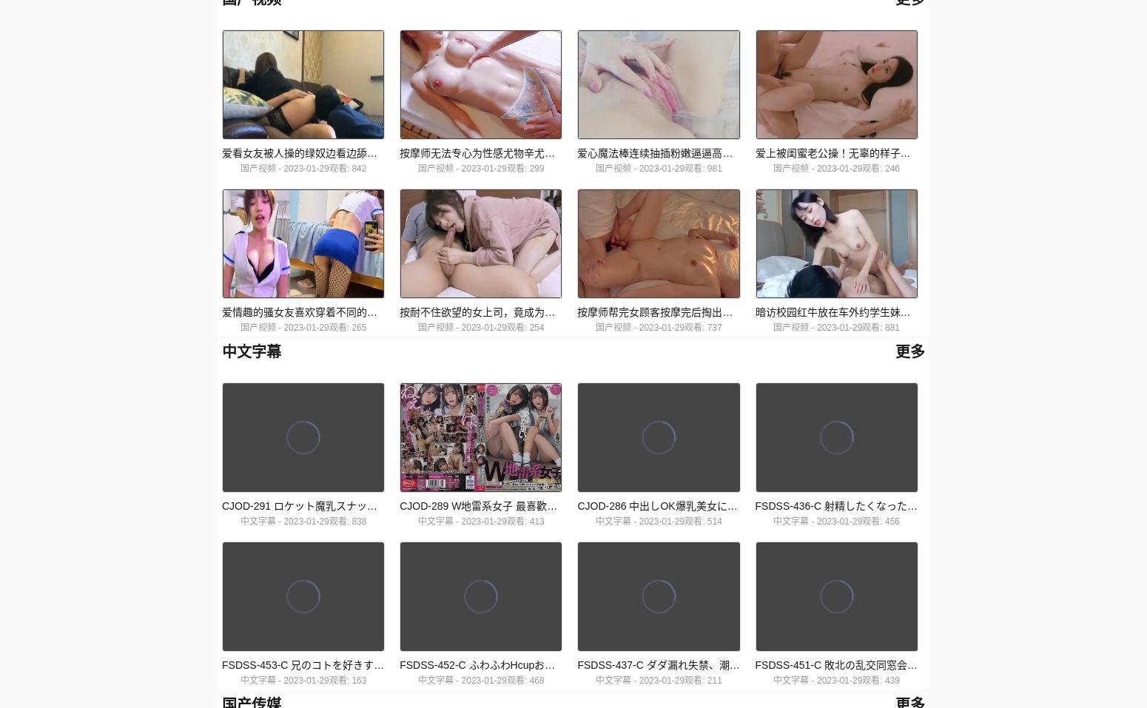 The height and width of the screenshot is (708, 1147). I want to click on 'FSDSS-453-C 兄のコトを好きすぎる妹が媚薬漬け誘惑親の留守中にガンギマリ近親相姦する兄妹', so click(448, 665).